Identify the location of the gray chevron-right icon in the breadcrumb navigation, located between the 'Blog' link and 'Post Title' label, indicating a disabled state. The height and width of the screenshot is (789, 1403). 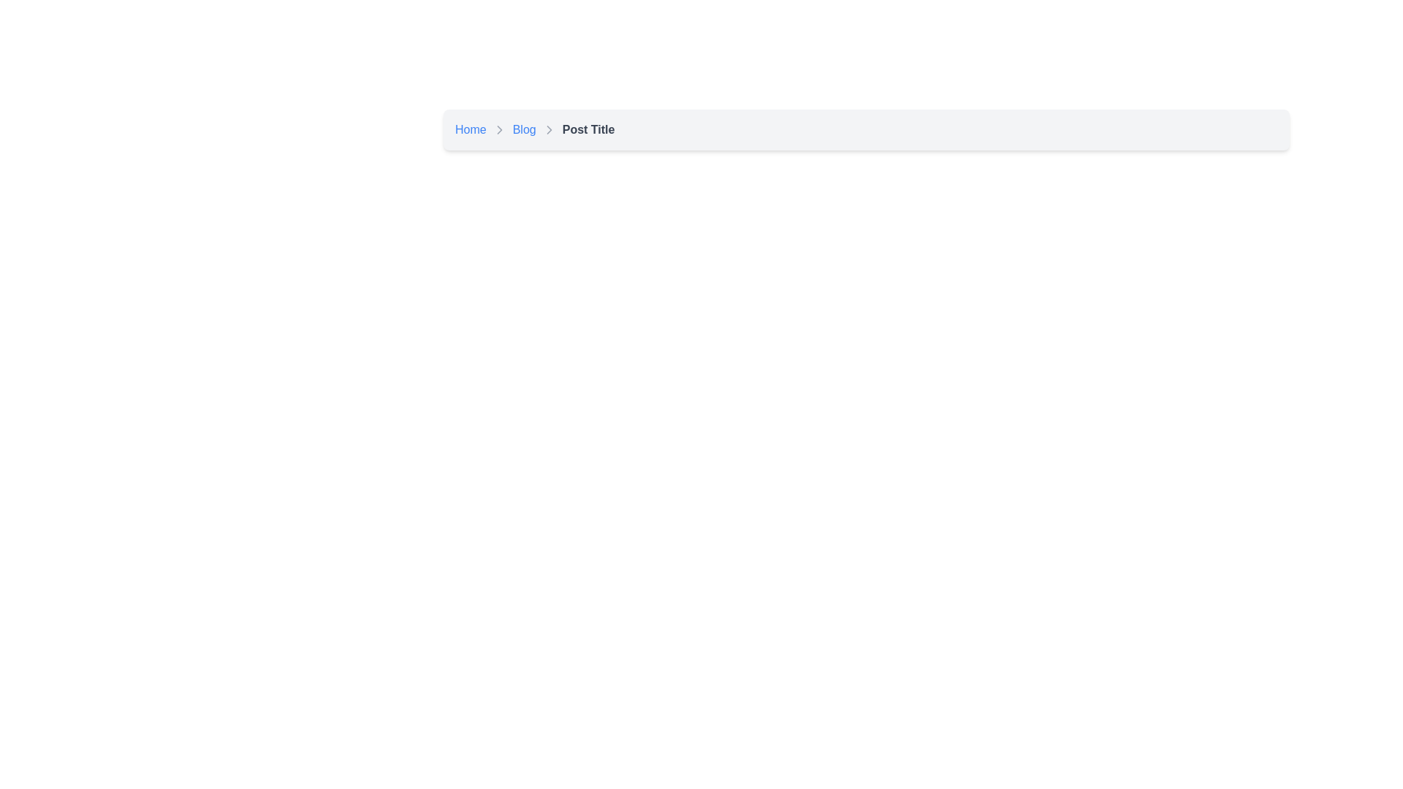
(548, 129).